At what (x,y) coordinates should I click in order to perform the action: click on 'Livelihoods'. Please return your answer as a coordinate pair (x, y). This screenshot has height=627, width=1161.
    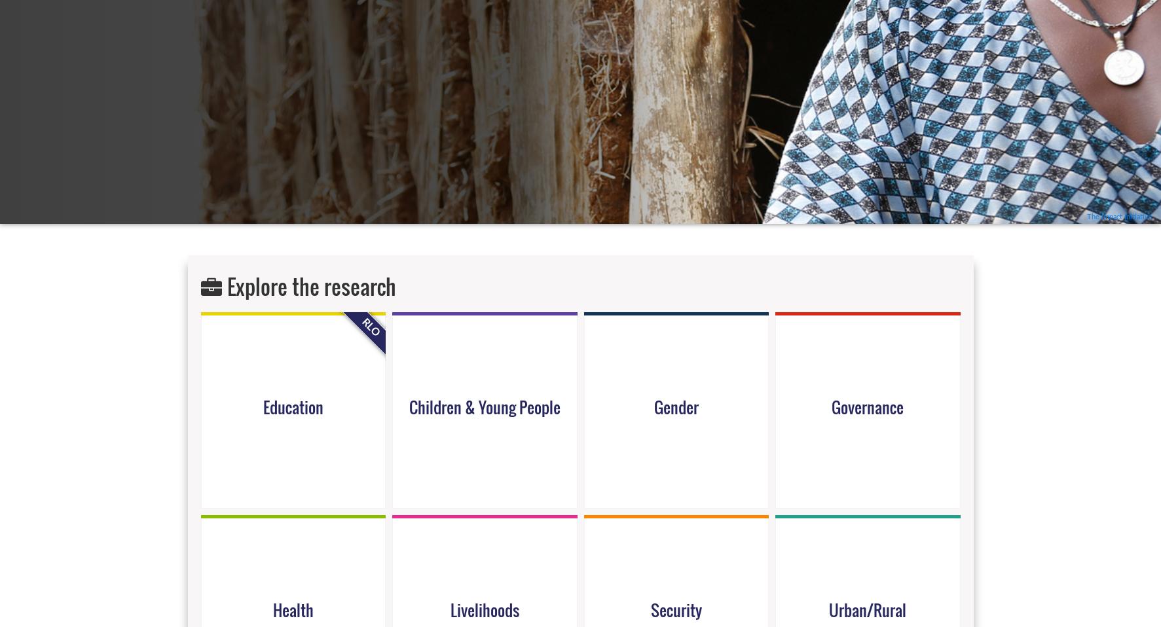
    Looking at the image, I should click on (484, 609).